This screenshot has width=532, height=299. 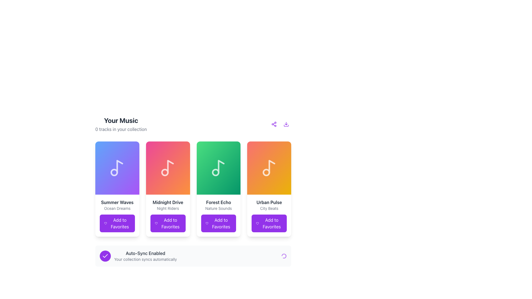 I want to click on the text label representing the title of a music track or category, which is located in the third card from the left, above the 'Nature Sounds' subtitle and 'Add to Favorites' button, so click(x=218, y=202).